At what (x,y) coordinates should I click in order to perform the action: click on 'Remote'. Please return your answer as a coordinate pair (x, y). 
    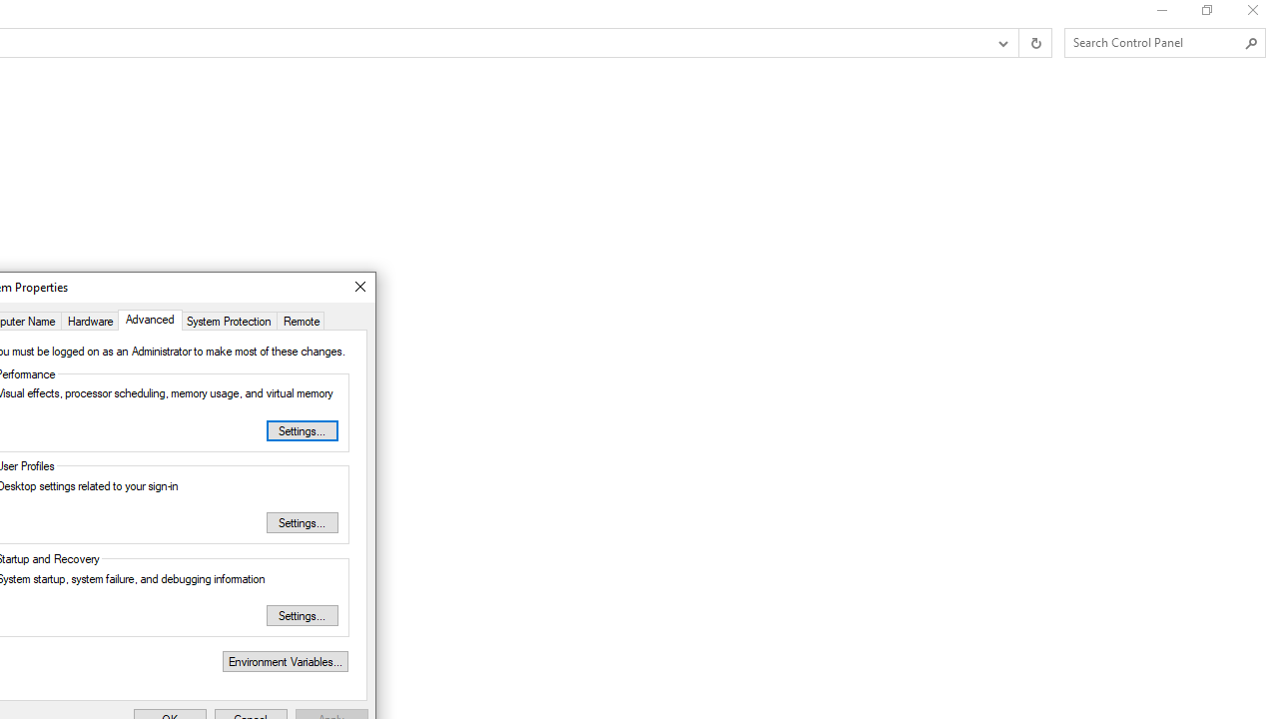
    Looking at the image, I should click on (301, 319).